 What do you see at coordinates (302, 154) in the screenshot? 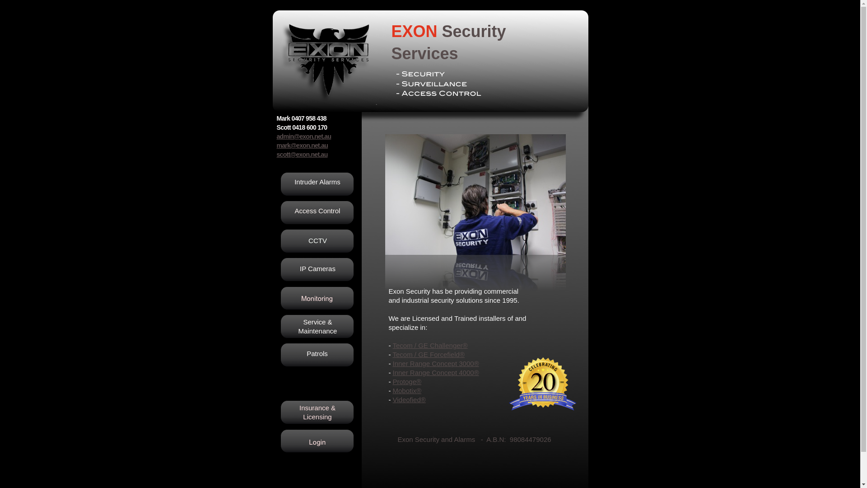
I see `'scott@exon.net.au'` at bounding box center [302, 154].